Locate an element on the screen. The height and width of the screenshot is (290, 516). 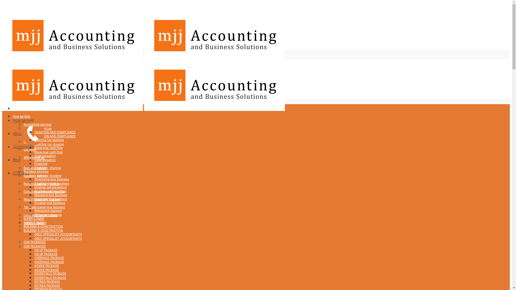
'Retirement planning' is located at coordinates (48, 215).